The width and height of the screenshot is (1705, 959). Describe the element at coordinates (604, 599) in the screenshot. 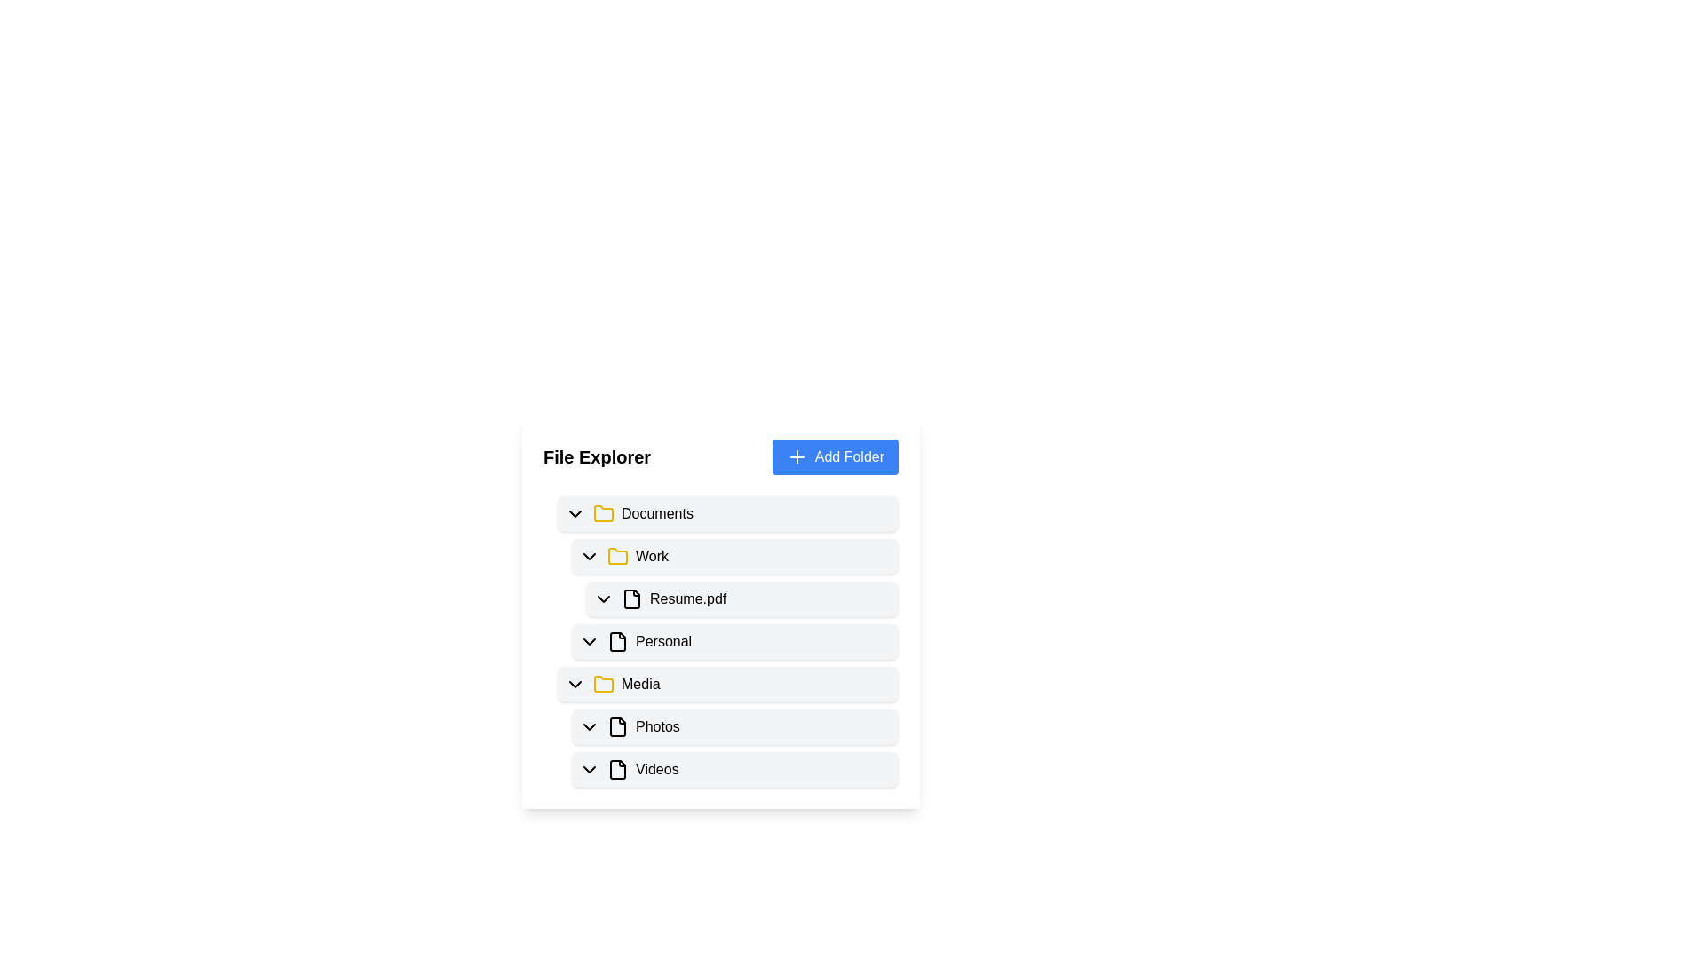

I see `the Toggle Icon for the 'Resume.pdf' entry in the file explorer UI` at that location.